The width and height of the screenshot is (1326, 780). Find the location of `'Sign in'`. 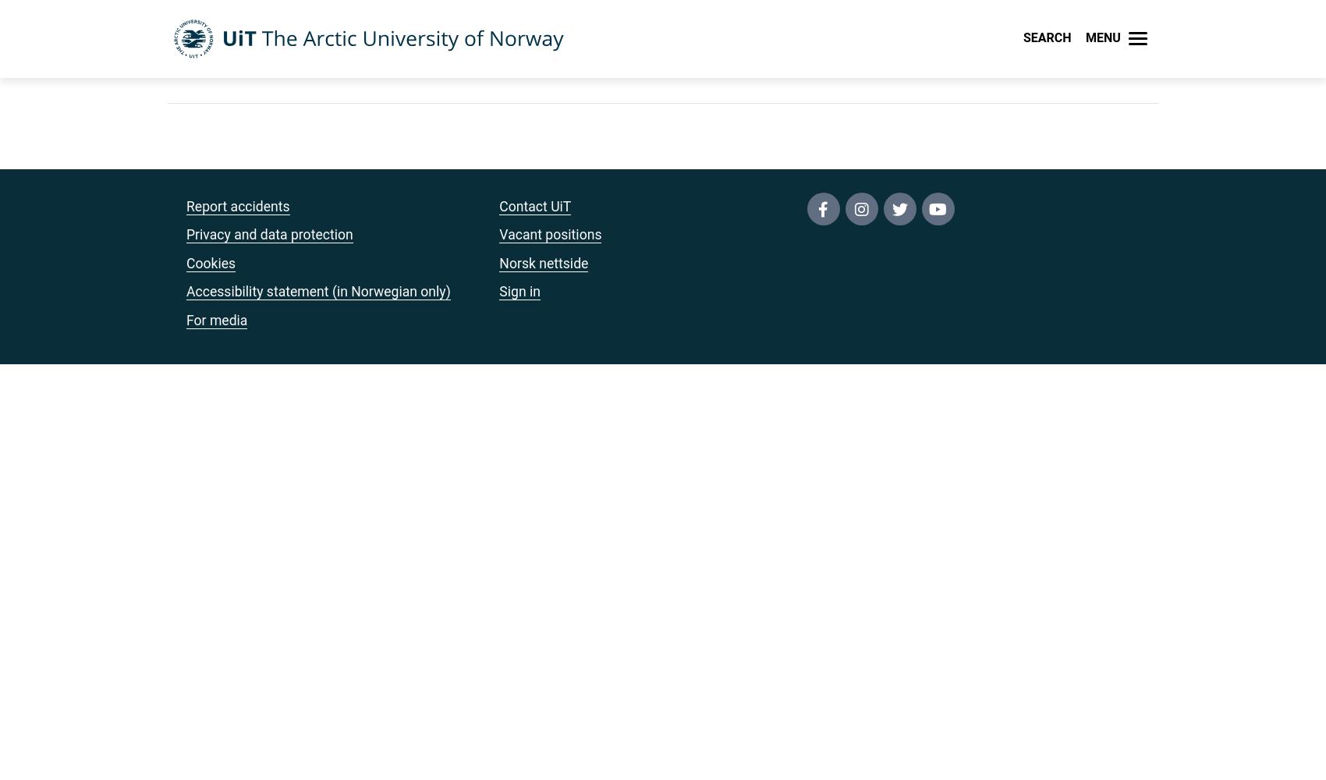

'Sign in' is located at coordinates (519, 291).